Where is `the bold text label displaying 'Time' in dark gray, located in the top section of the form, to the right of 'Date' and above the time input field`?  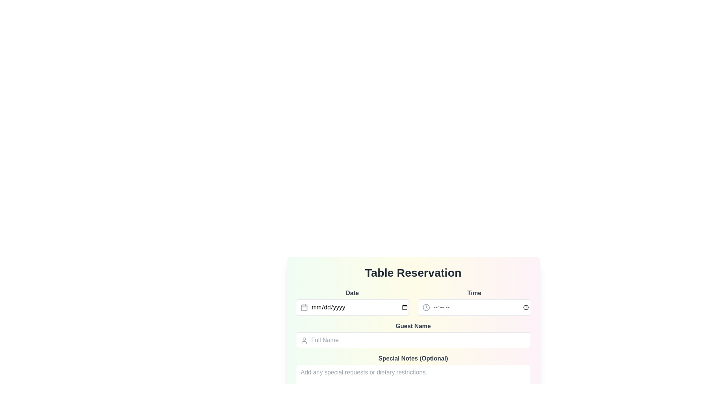
the bold text label displaying 'Time' in dark gray, located in the top section of the form, to the right of 'Date' and above the time input field is located at coordinates (474, 292).